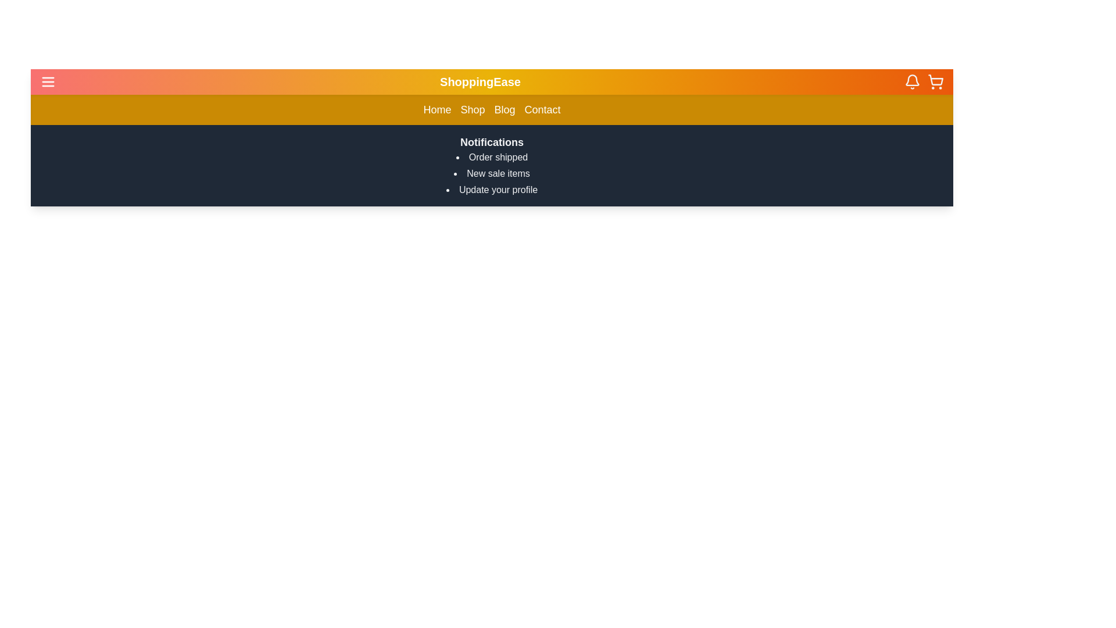 This screenshot has height=628, width=1116. I want to click on the 'Contact' text label in the horizontal navigation bar, so click(542, 110).